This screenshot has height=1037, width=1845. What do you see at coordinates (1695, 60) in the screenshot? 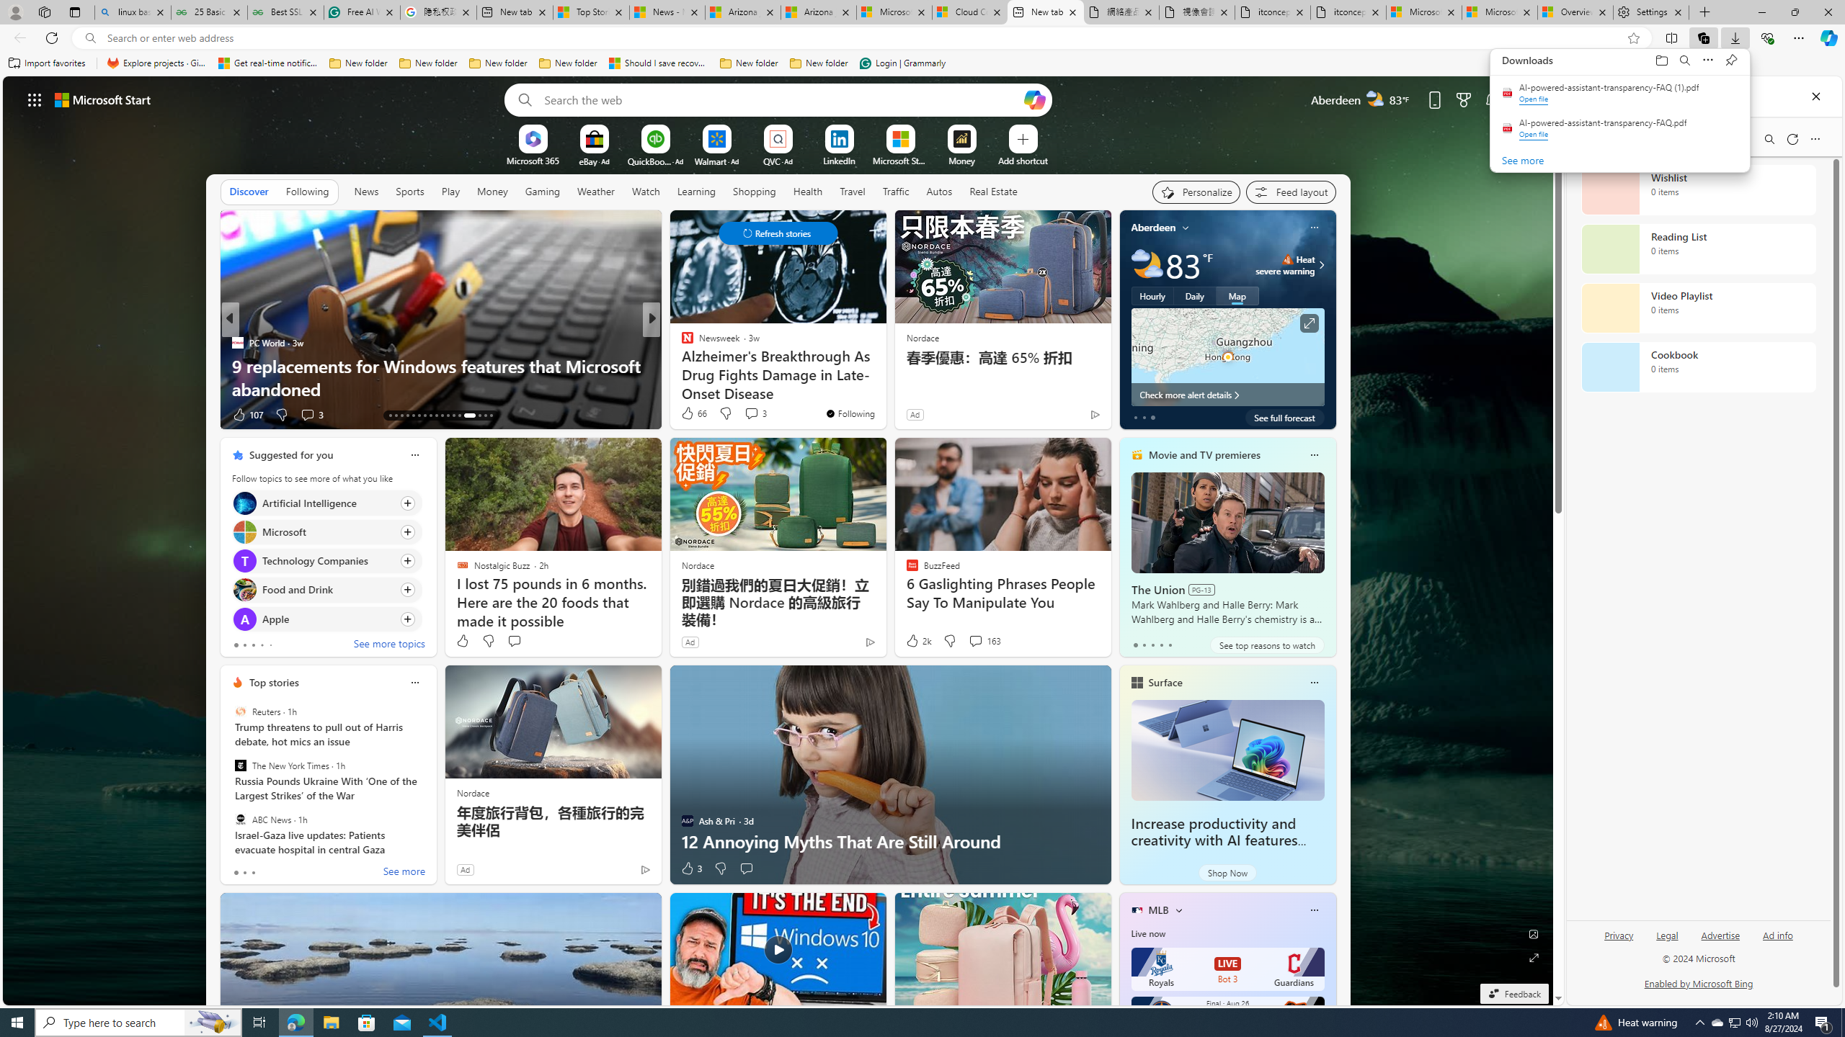
I see `'Downloads'` at bounding box center [1695, 60].